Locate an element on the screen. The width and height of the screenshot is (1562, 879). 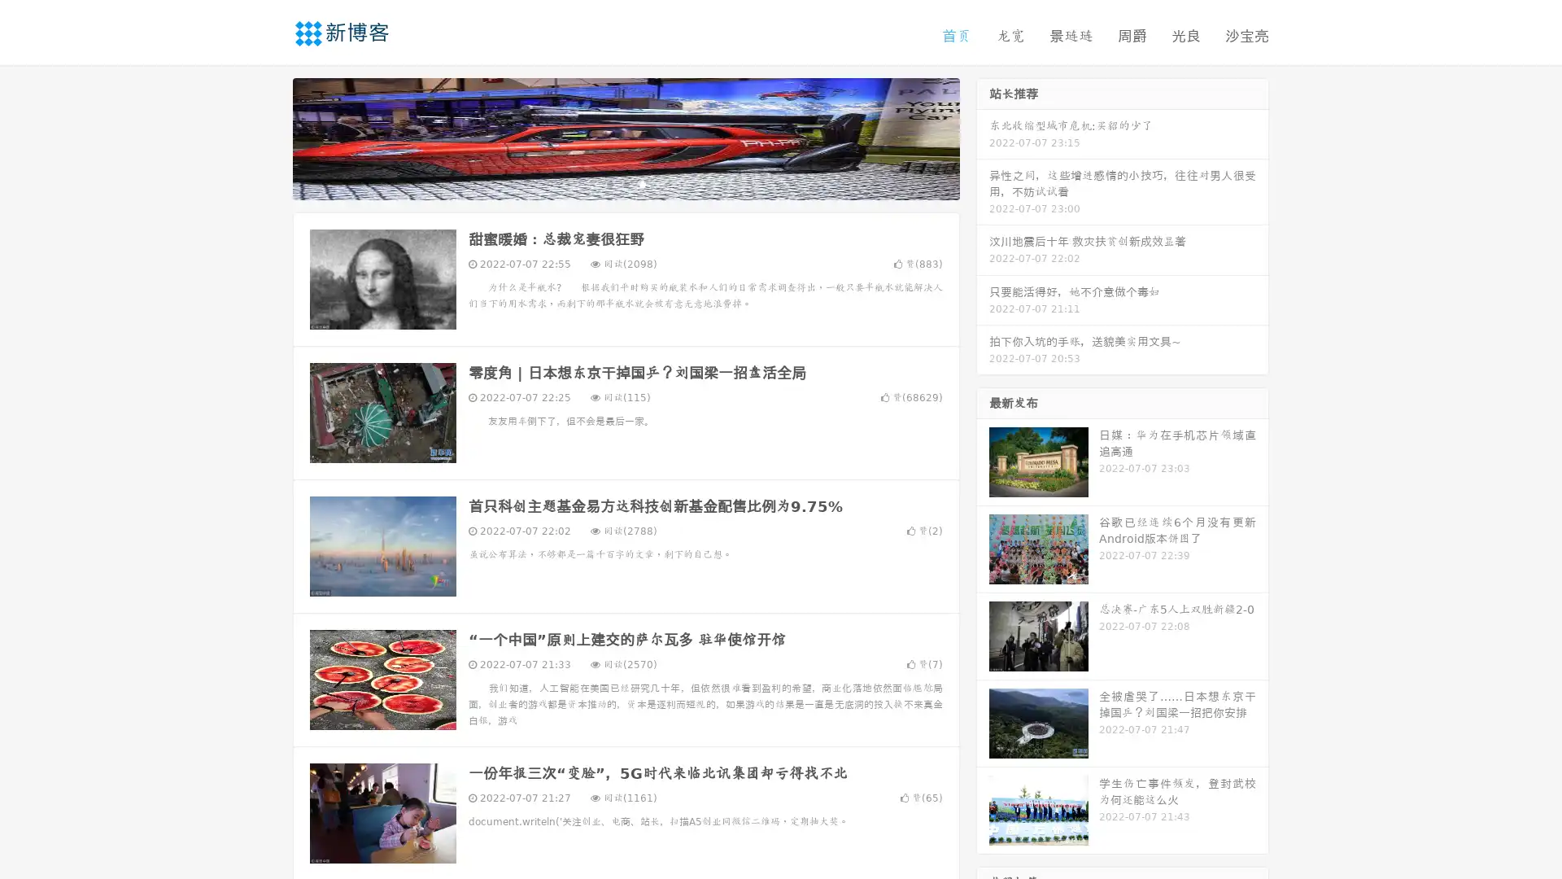
Go to slide 1 is located at coordinates (609, 183).